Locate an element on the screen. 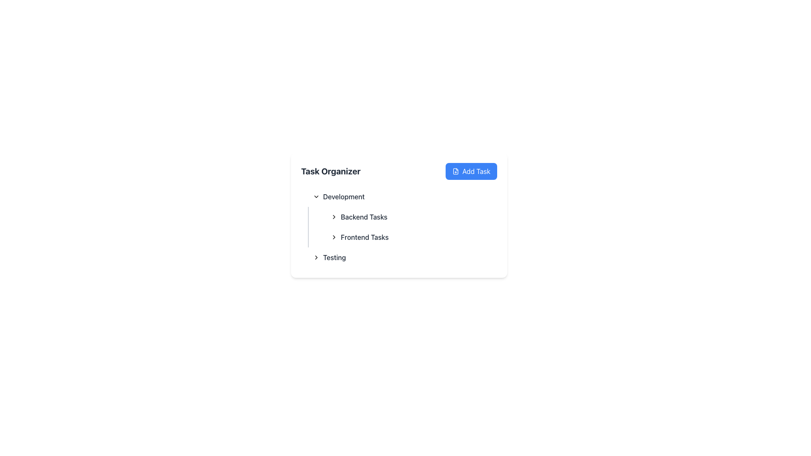  the 'Development' category title text is located at coordinates (339, 197).